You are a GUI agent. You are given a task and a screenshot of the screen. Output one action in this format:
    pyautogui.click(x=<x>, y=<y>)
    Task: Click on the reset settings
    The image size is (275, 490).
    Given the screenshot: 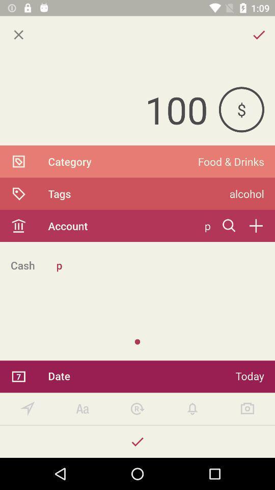 What is the action you would take?
    pyautogui.click(x=137, y=409)
    